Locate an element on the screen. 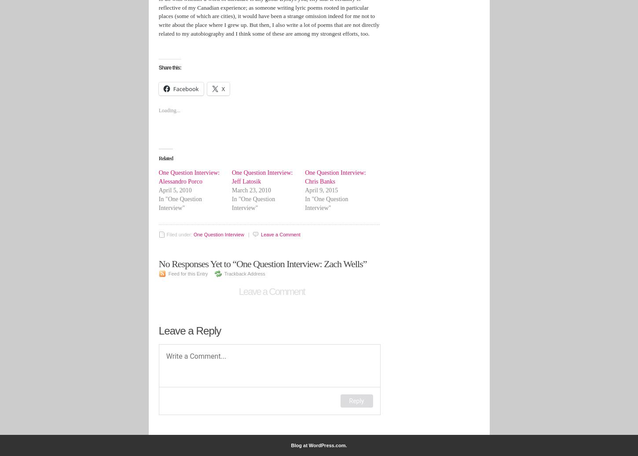 The height and width of the screenshot is (456, 638). '|' is located at coordinates (249, 235).